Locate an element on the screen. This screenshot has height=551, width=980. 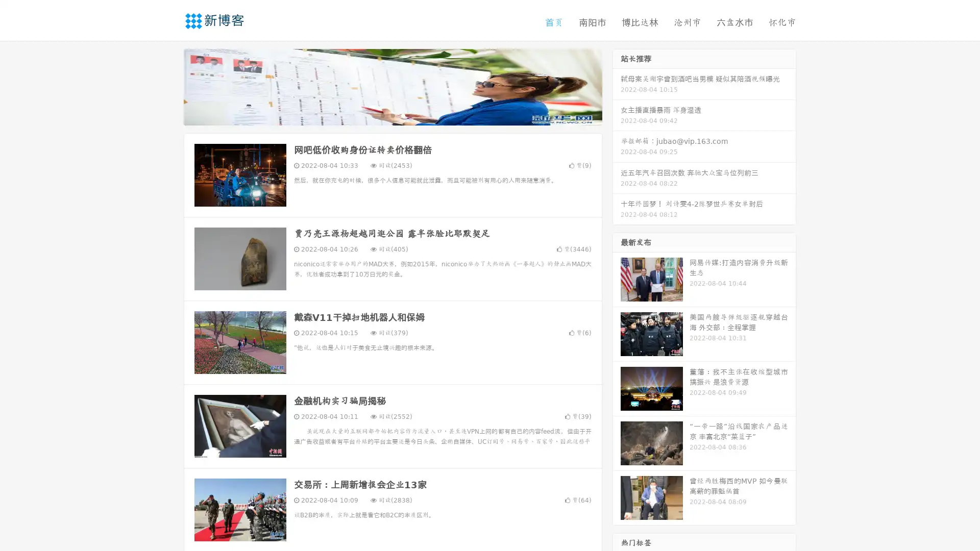
Go to slide 2 is located at coordinates (392, 115).